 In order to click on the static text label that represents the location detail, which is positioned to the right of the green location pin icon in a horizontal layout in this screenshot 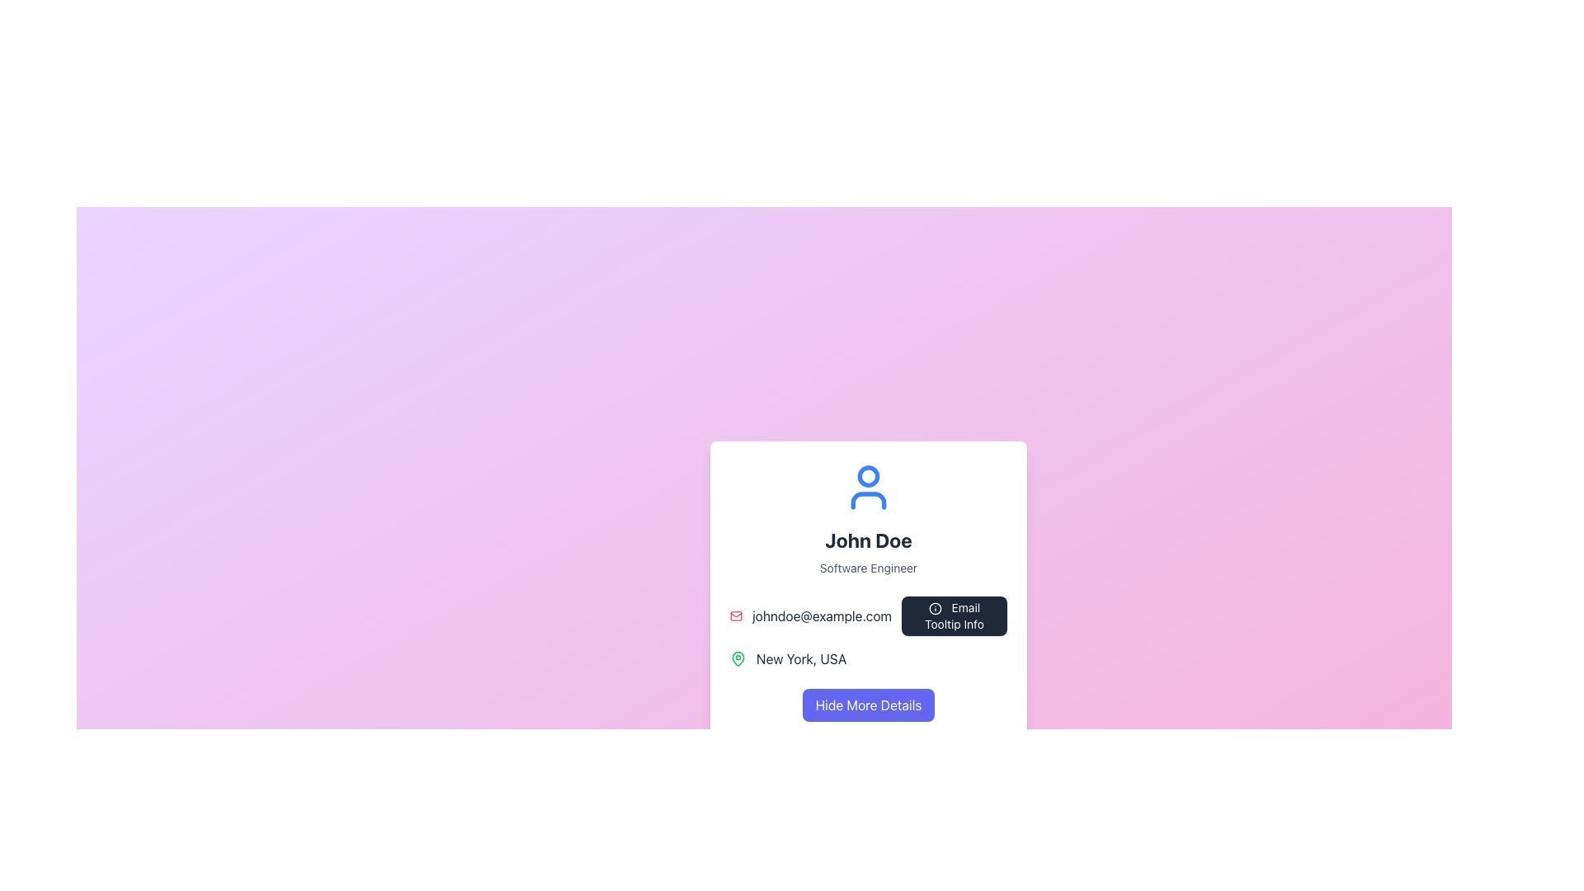, I will do `click(801, 658)`.